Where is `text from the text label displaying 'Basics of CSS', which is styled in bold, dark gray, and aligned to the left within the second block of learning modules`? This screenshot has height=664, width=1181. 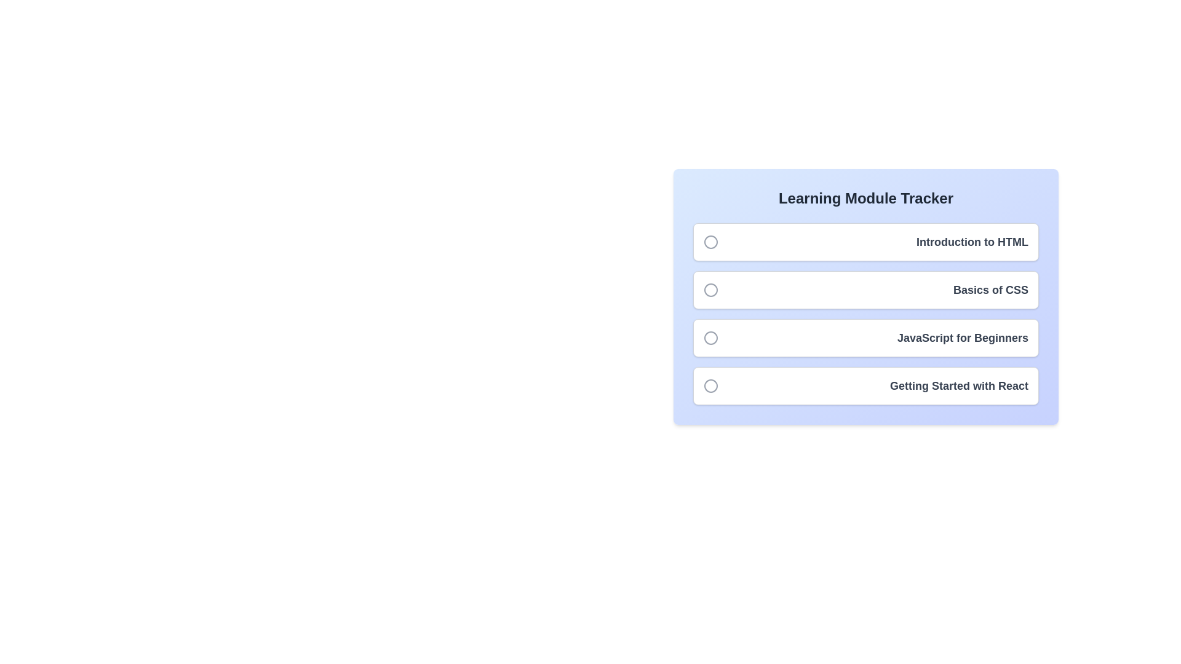 text from the text label displaying 'Basics of CSS', which is styled in bold, dark gray, and aligned to the left within the second block of learning modules is located at coordinates (991, 290).